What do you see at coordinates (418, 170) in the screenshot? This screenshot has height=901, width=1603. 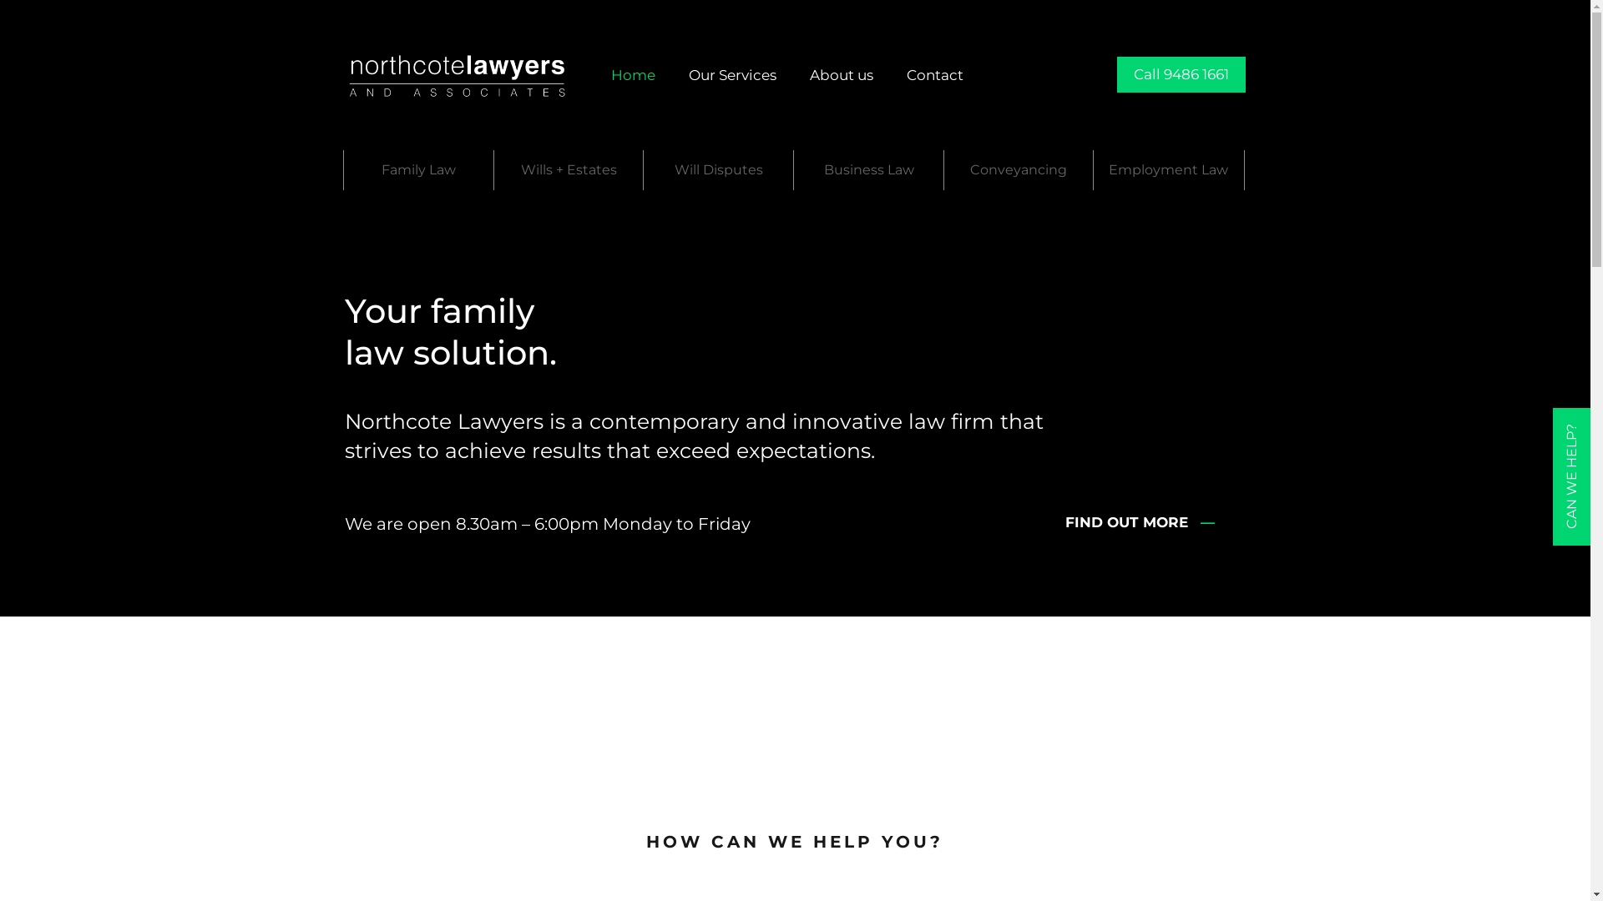 I see `'Family Law'` at bounding box center [418, 170].